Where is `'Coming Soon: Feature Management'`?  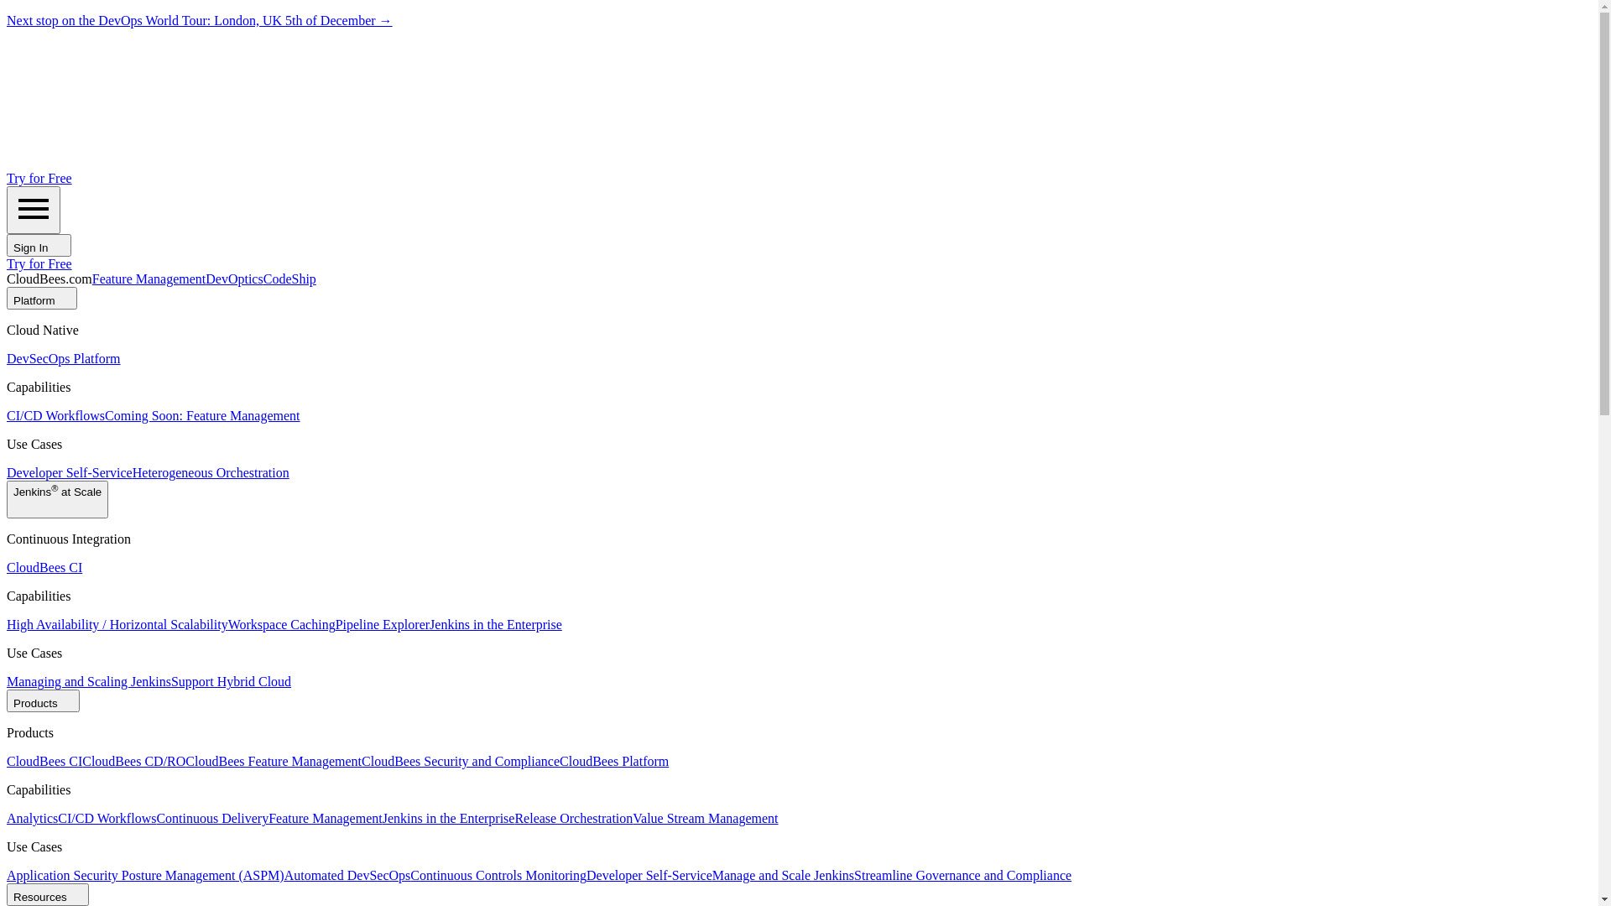 'Coming Soon: Feature Management' is located at coordinates (201, 415).